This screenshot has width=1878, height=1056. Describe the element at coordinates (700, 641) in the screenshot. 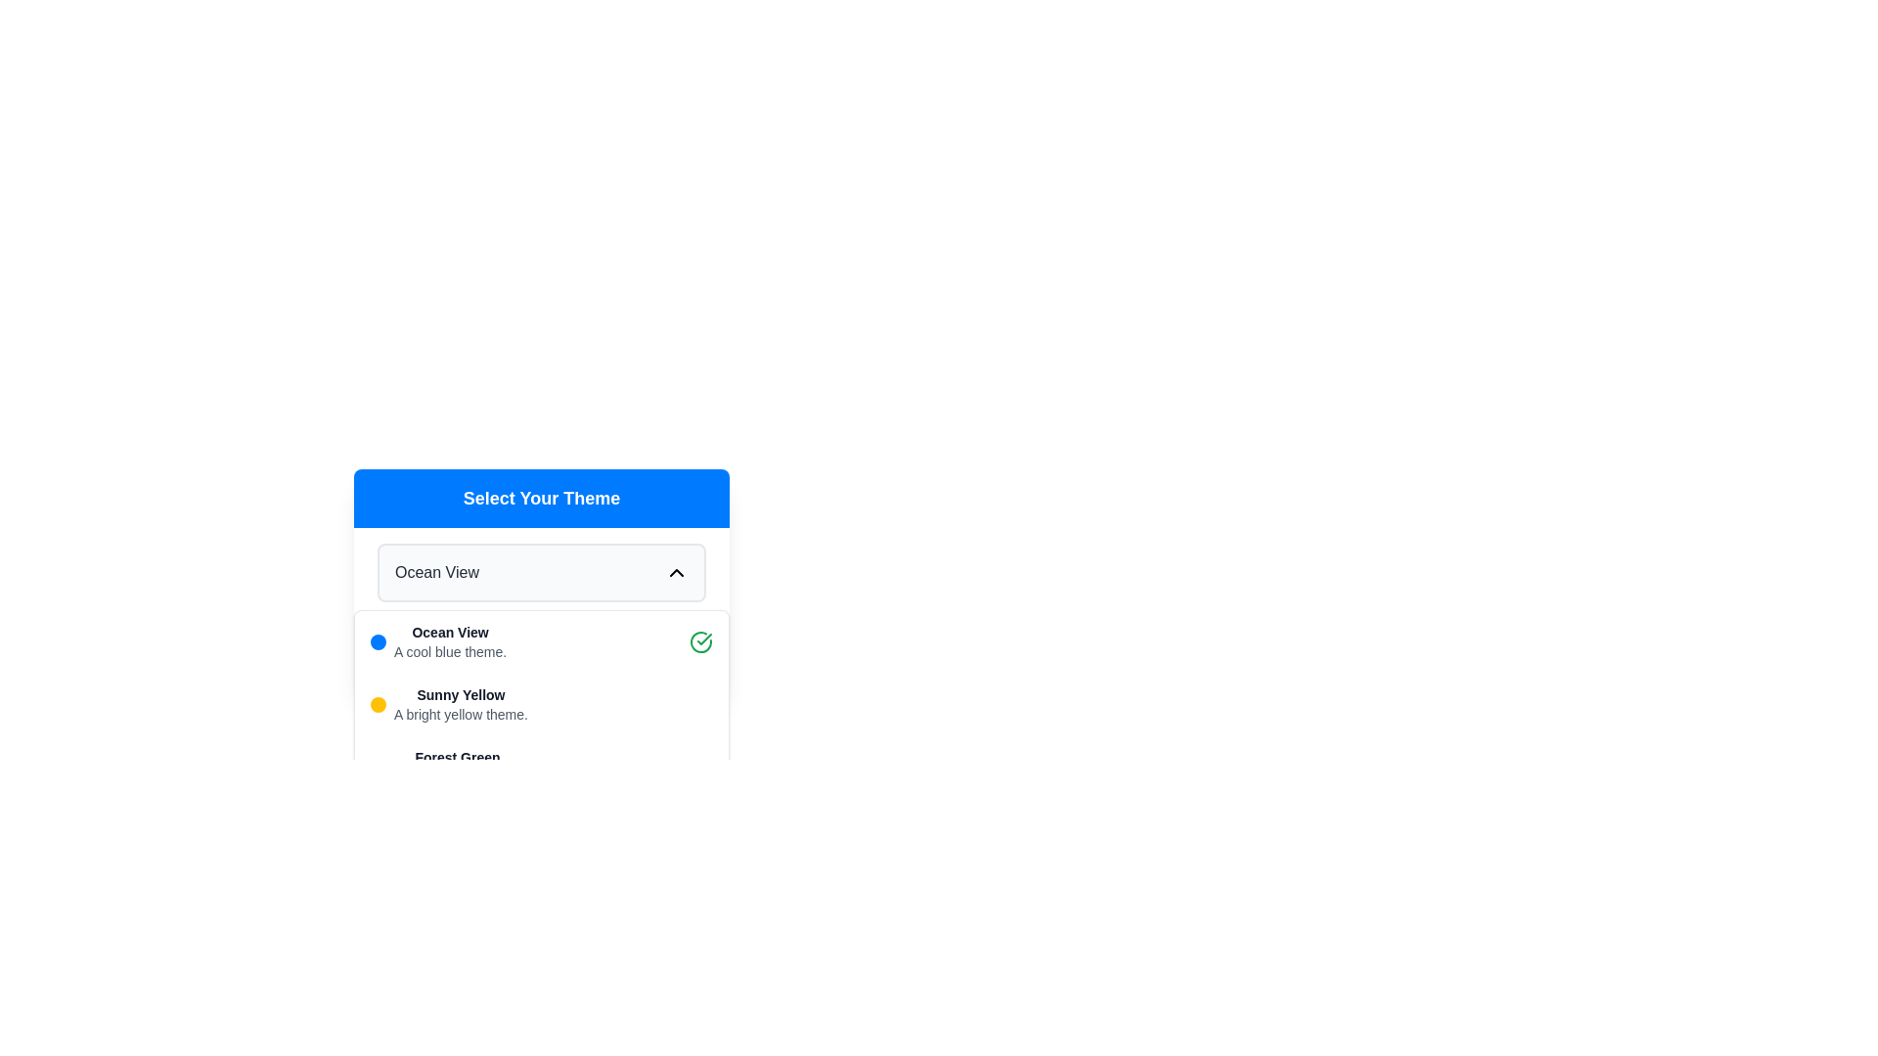

I see `the green checkmark icon inside a circle, which is positioned at the right-hand end of the 'Ocean View' list entry in the theme selector dropdown` at that location.